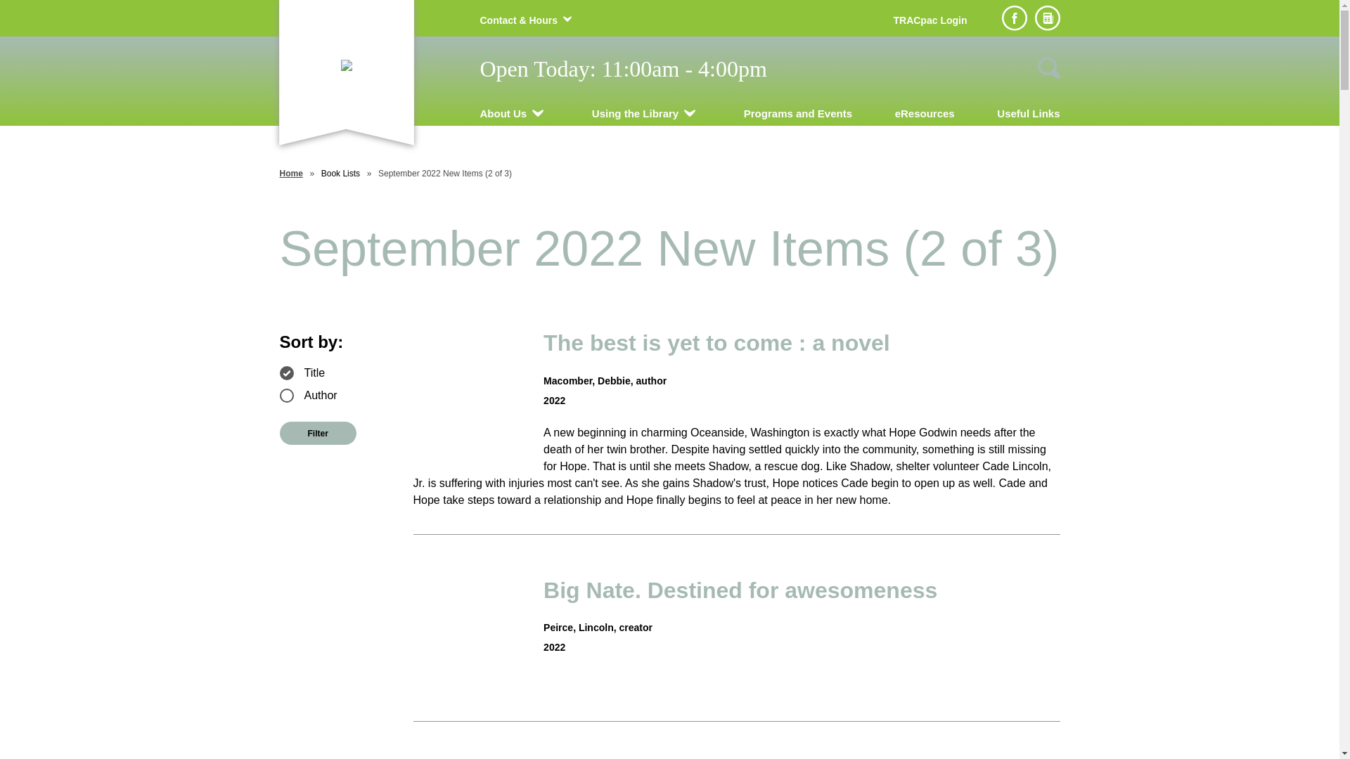  What do you see at coordinates (290, 172) in the screenshot?
I see `'Home'` at bounding box center [290, 172].